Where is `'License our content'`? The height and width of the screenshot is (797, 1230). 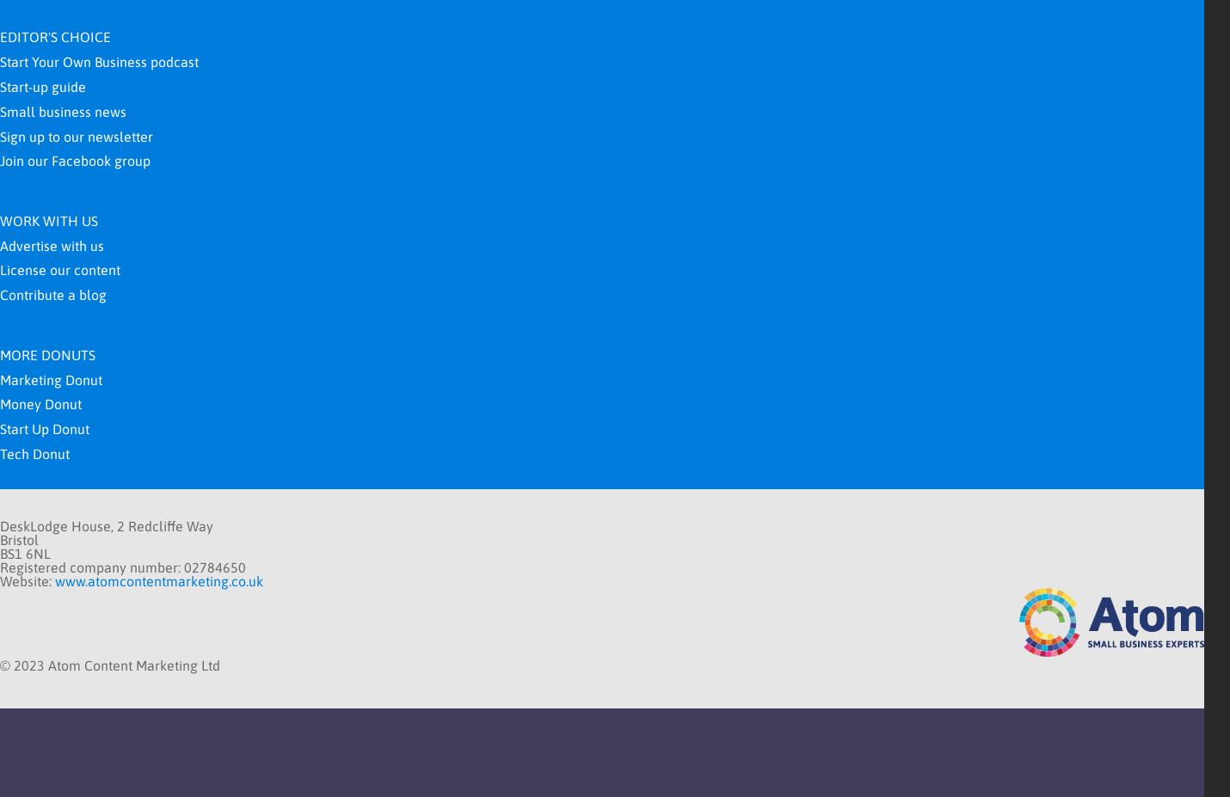 'License our content' is located at coordinates (59, 268).